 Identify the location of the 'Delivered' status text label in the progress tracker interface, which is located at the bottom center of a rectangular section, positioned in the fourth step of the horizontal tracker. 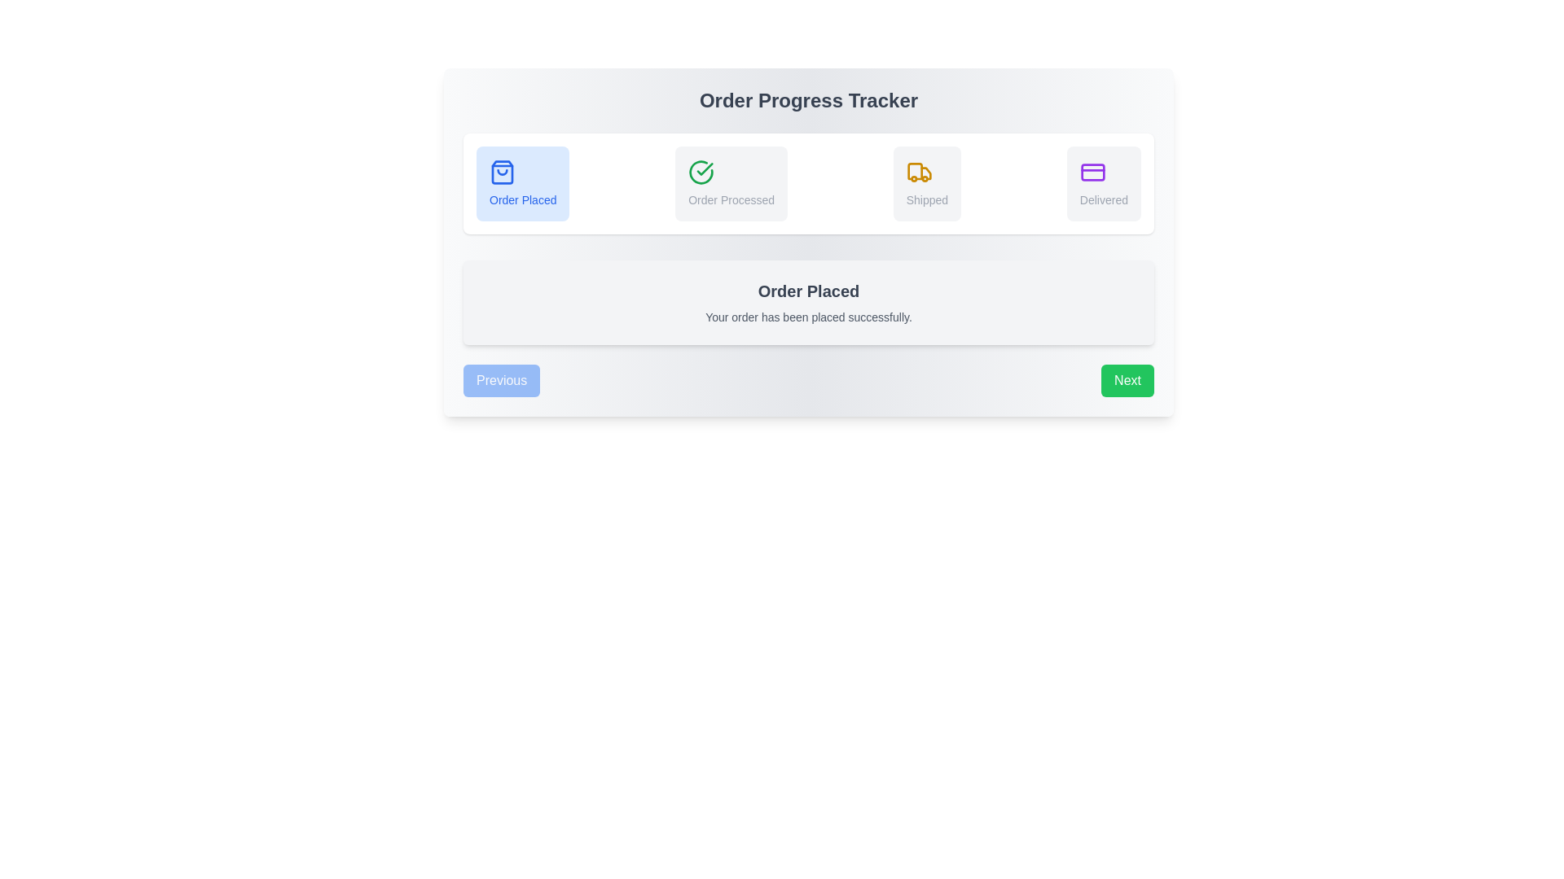
(1104, 199).